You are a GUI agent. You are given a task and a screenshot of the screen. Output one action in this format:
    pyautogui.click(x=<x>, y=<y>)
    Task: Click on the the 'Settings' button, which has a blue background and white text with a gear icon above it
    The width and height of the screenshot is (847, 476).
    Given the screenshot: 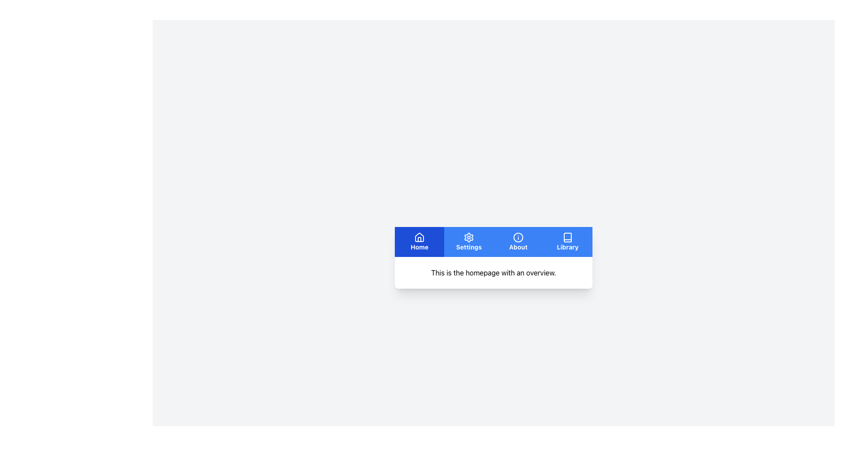 What is the action you would take?
    pyautogui.click(x=468, y=242)
    